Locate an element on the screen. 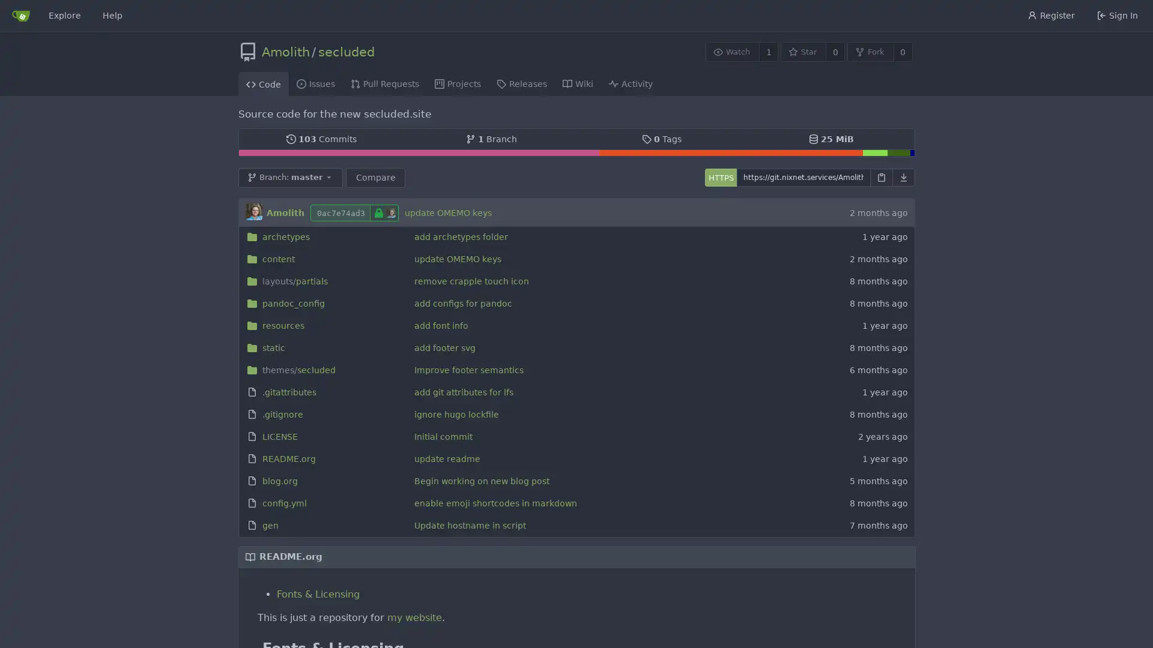  Star is located at coordinates (803, 51).